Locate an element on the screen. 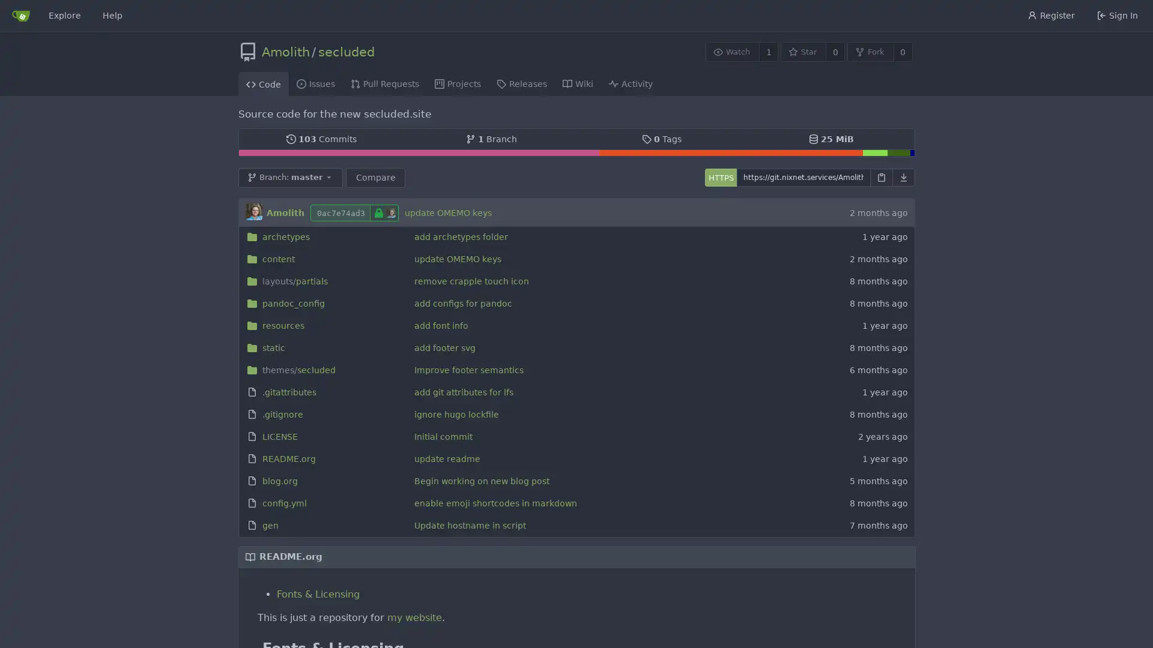  Star is located at coordinates (803, 51).